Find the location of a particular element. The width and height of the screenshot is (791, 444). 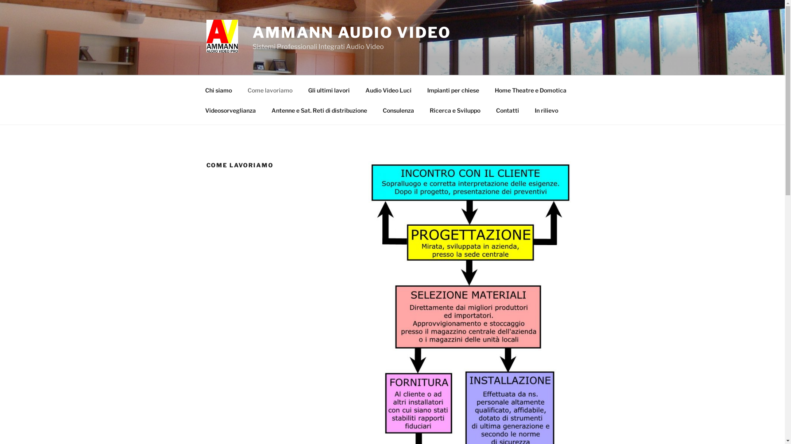

'Audio Video Luci' is located at coordinates (388, 90).